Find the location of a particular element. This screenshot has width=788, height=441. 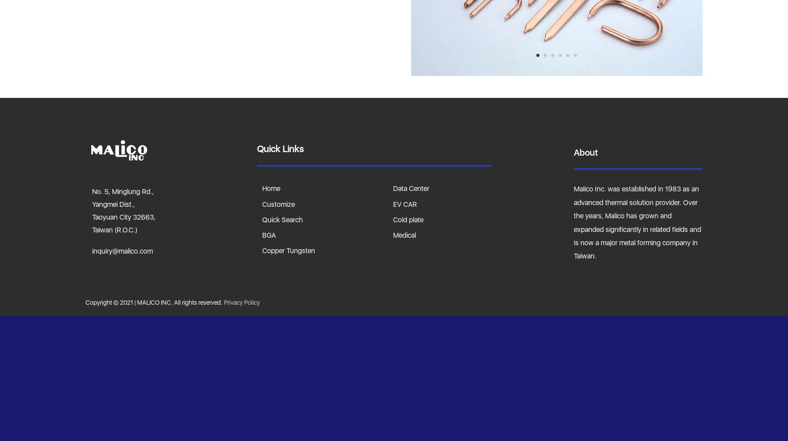

'Privacy Policy' is located at coordinates (242, 302).